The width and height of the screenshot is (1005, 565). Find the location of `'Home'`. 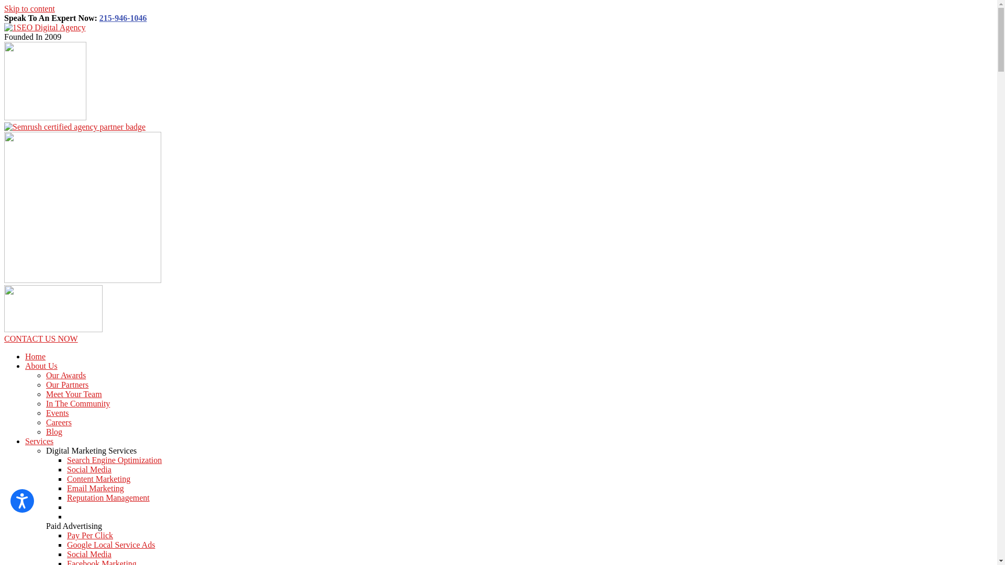

'Home' is located at coordinates (35, 356).